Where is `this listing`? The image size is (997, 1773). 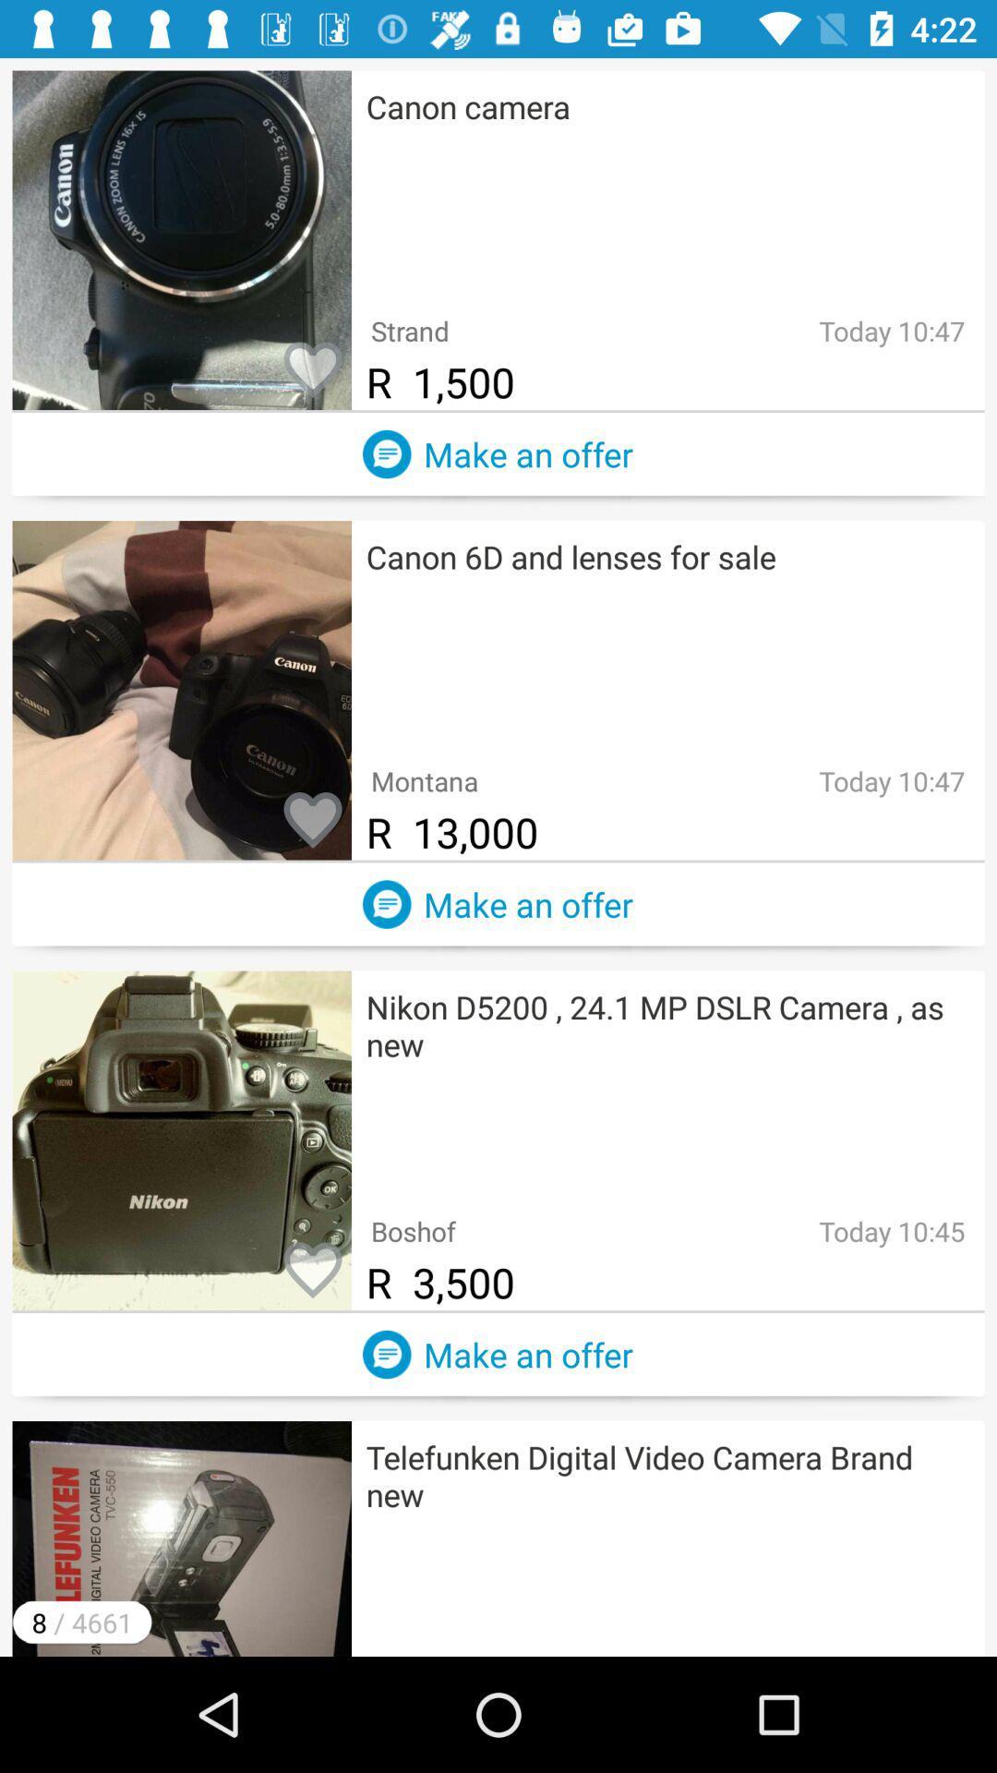
this listing is located at coordinates (312, 820).